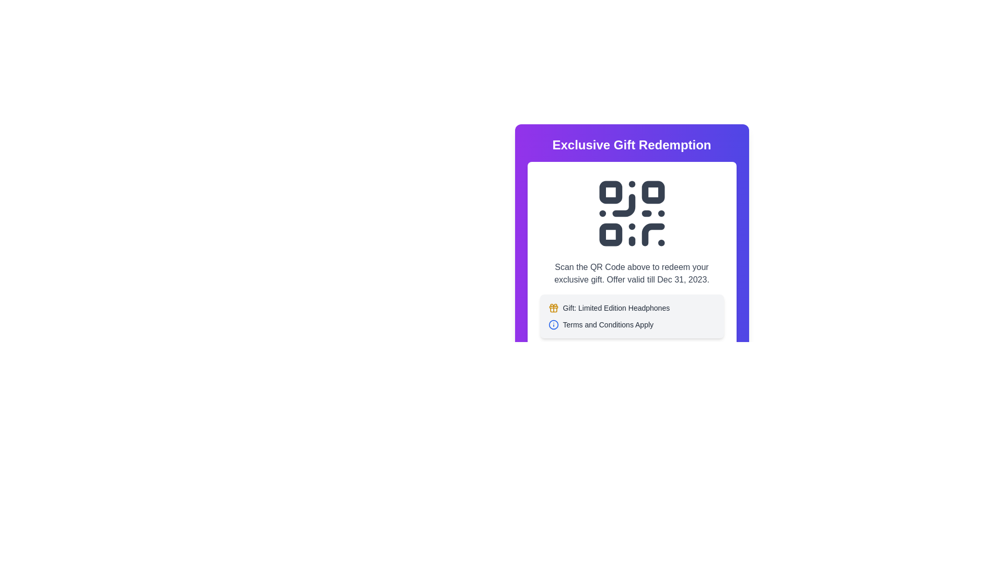 The width and height of the screenshot is (1003, 564). Describe the element at coordinates (610, 234) in the screenshot. I see `the small, square-shaped UI component with rounded corners, styled with a white fill, located in the lower-left corner of the QR code design` at that location.